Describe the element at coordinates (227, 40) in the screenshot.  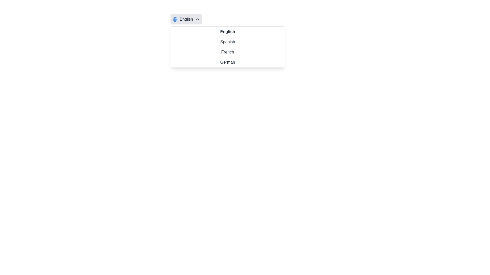
I see `the text label displaying 'Spanish'` at that location.